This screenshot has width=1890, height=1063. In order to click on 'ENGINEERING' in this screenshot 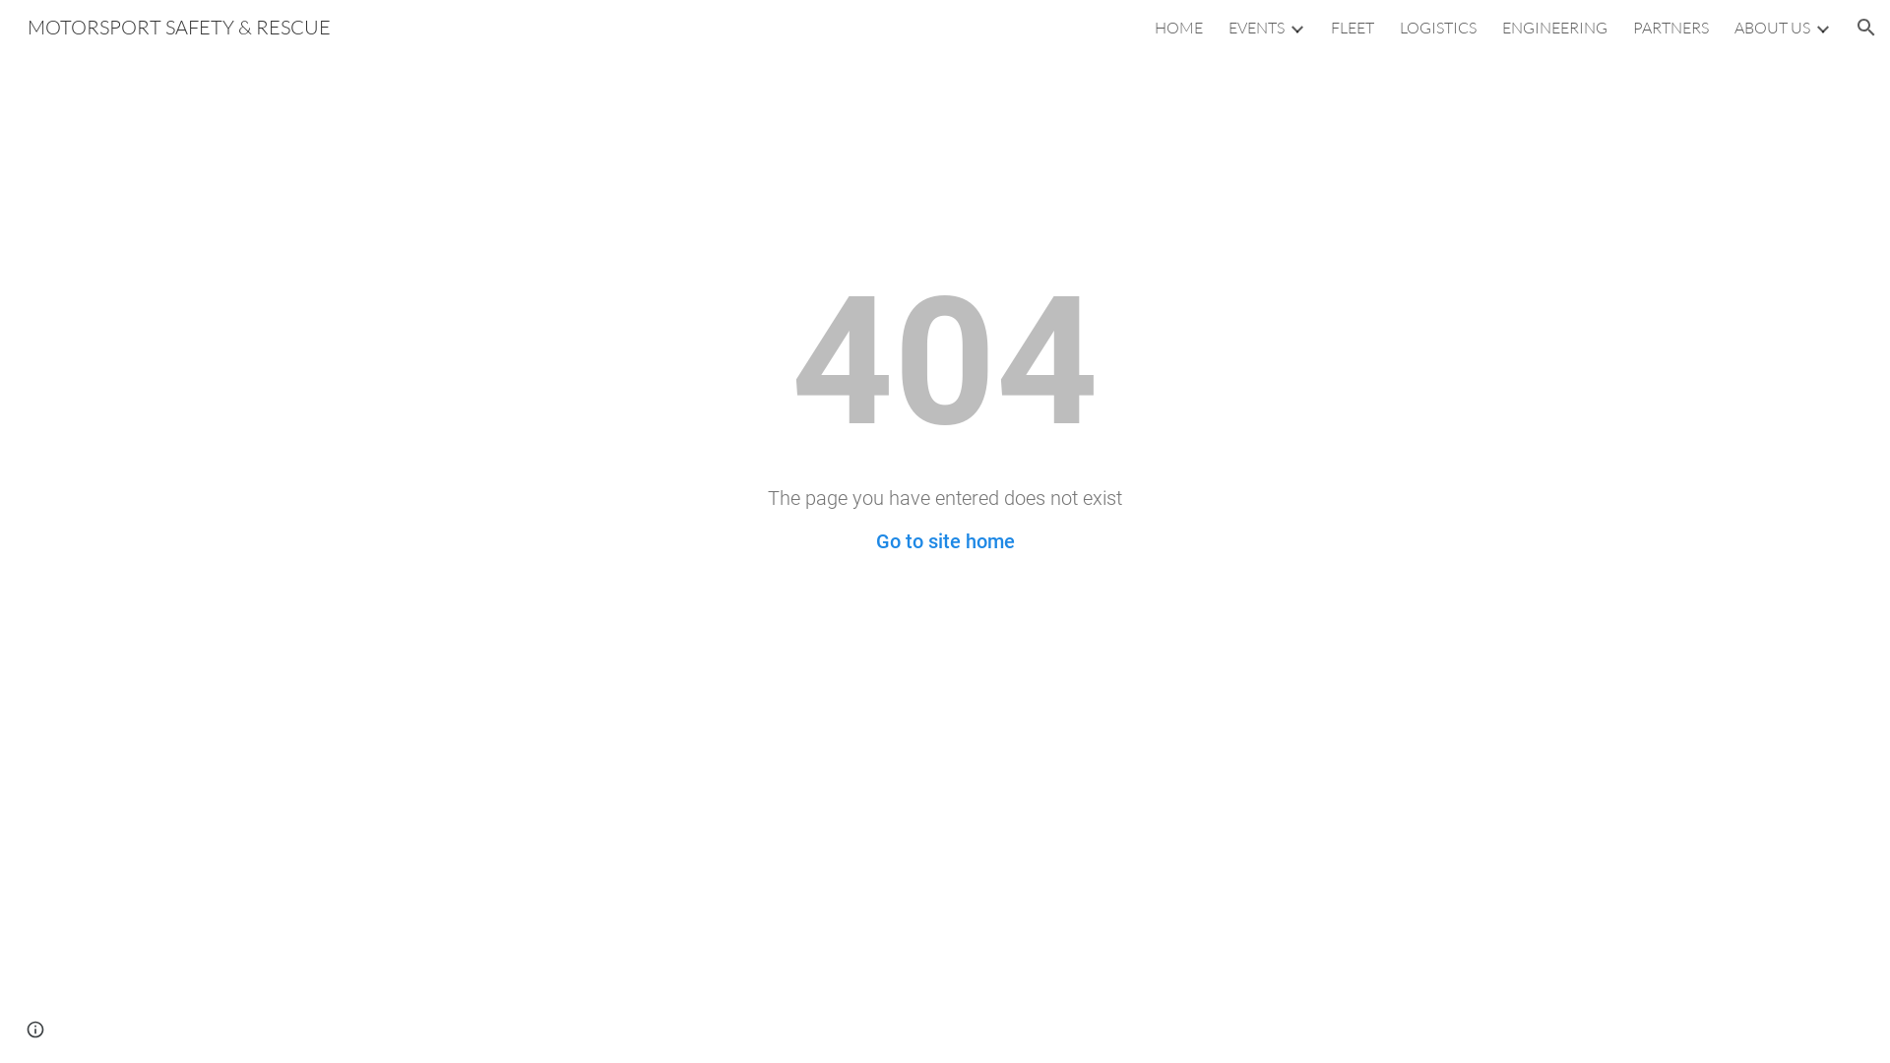, I will do `click(1553, 27)`.